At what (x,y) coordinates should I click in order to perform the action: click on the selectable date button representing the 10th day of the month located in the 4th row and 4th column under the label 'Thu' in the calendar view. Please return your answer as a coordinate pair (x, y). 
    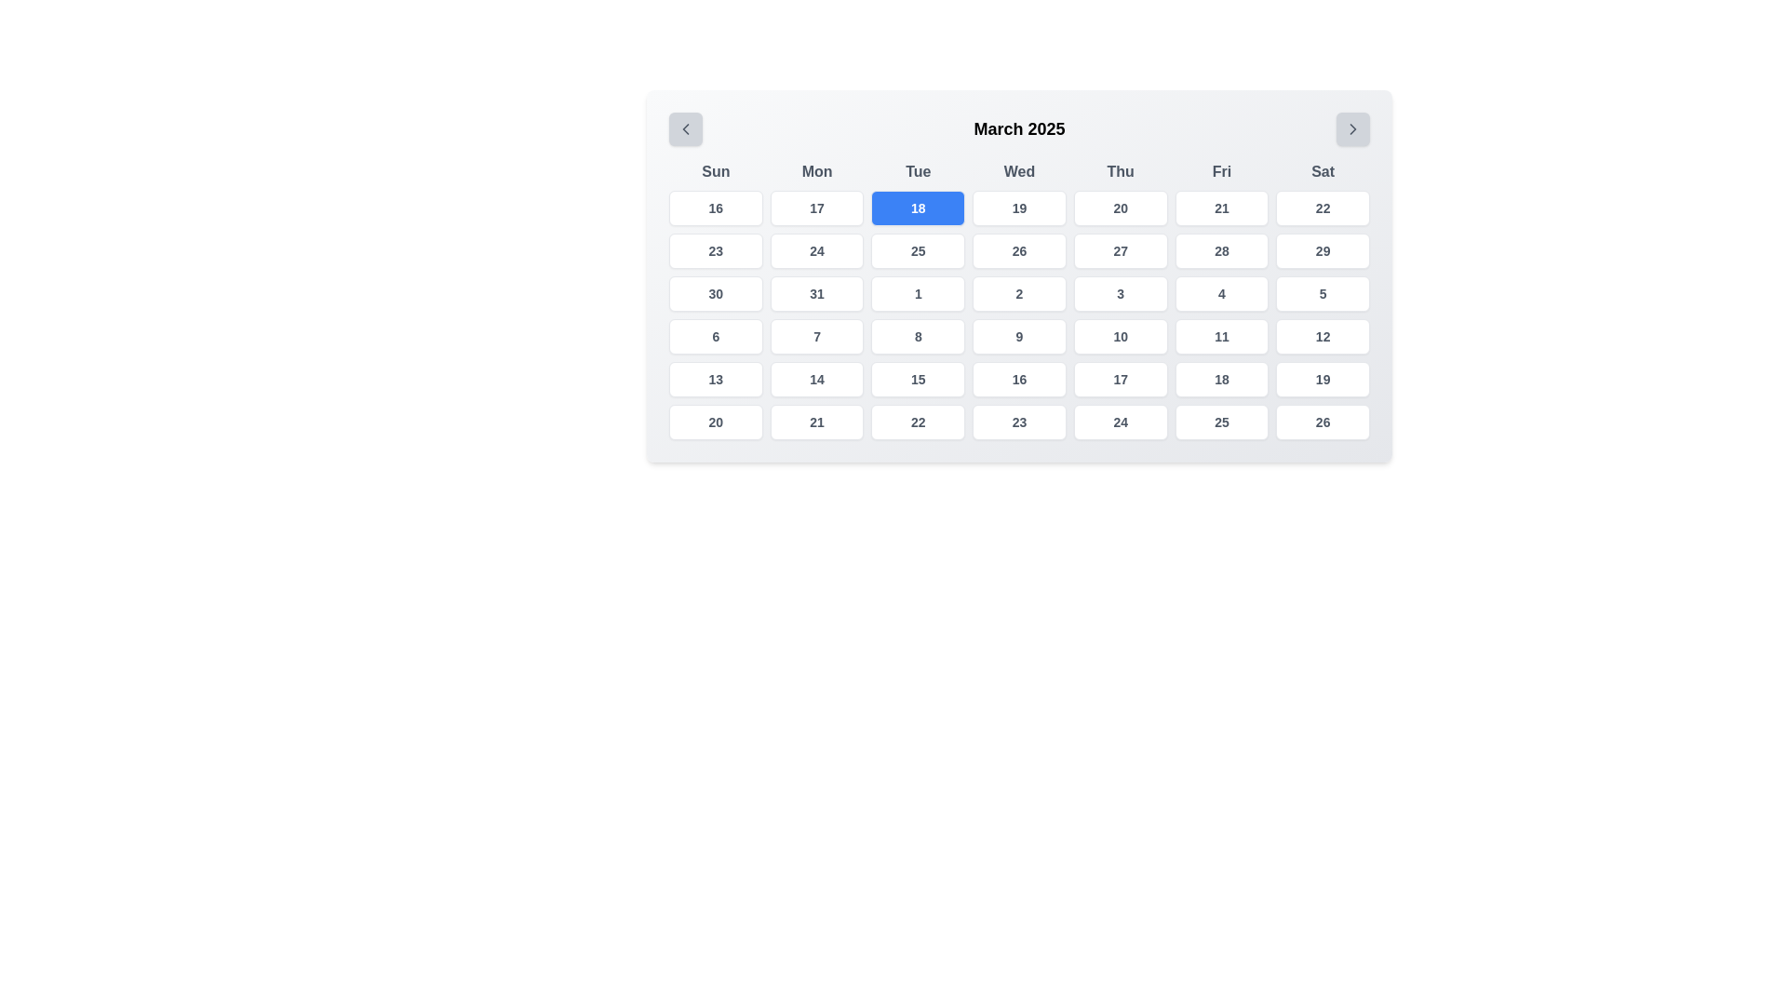
    Looking at the image, I should click on (1120, 337).